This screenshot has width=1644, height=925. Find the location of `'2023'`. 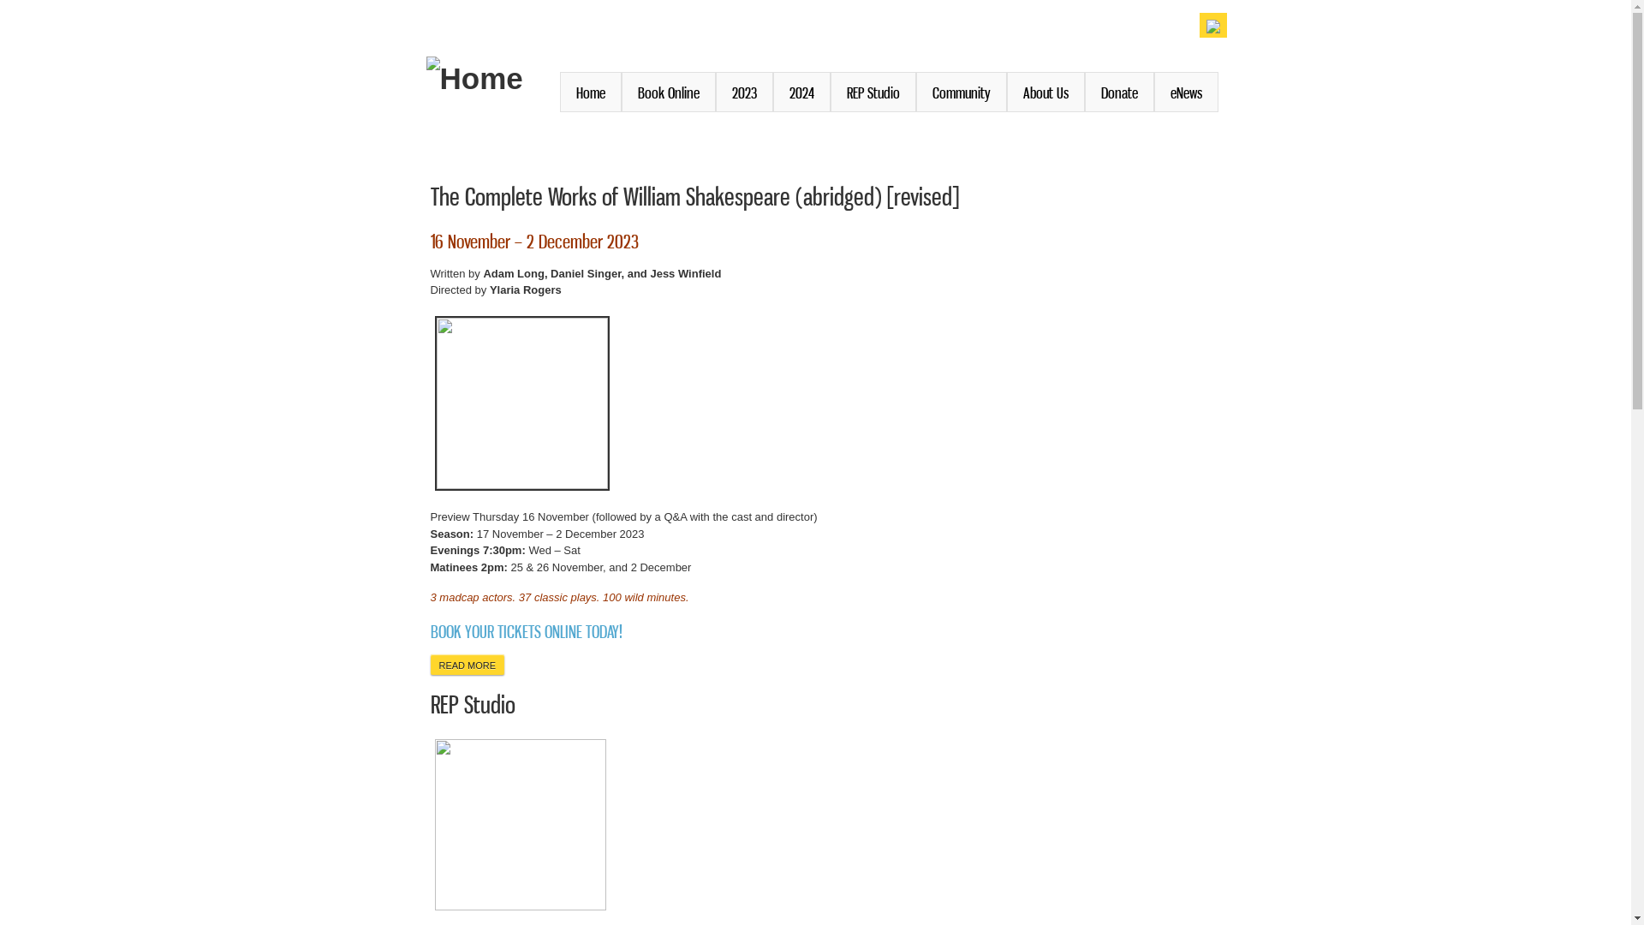

'2023' is located at coordinates (744, 92).